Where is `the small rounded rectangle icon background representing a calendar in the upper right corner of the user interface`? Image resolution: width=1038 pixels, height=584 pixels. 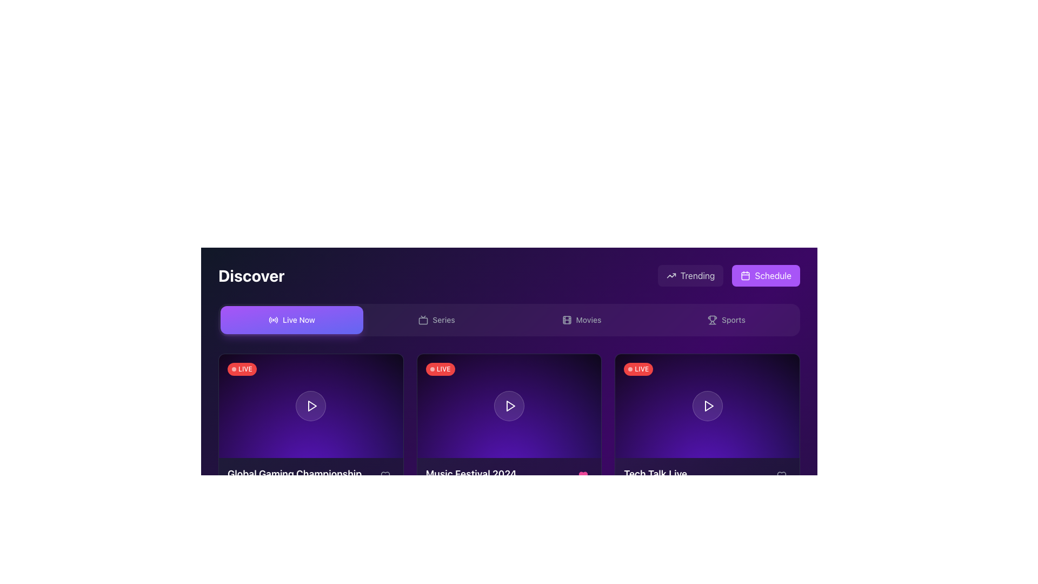 the small rounded rectangle icon background representing a calendar in the upper right corner of the user interface is located at coordinates (745, 275).